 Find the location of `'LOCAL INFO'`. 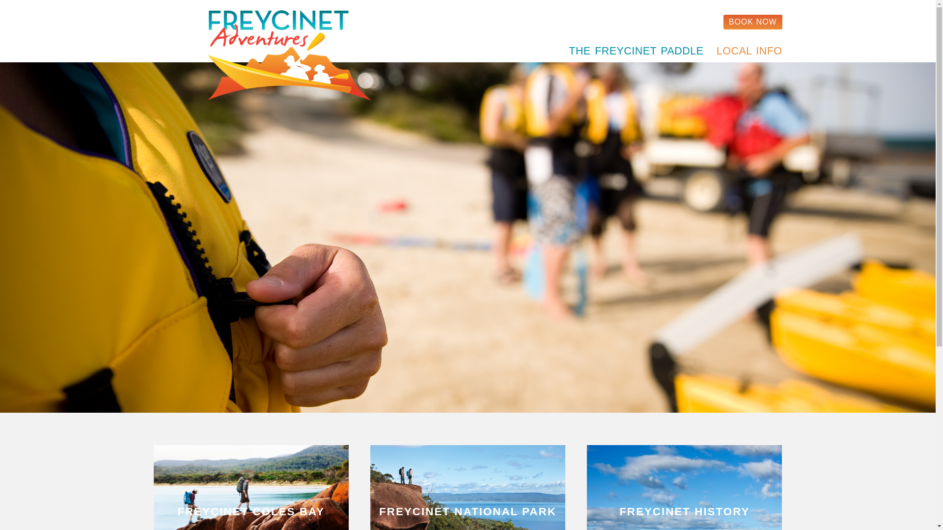

'LOCAL INFO' is located at coordinates (747, 51).